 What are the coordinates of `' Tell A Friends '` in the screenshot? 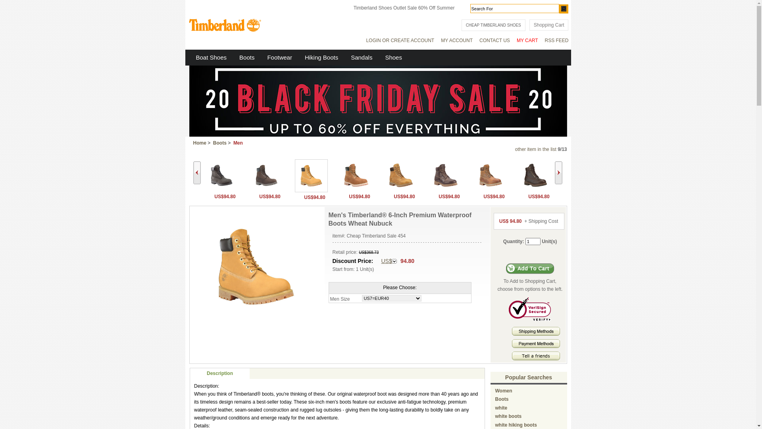 It's located at (536, 355).